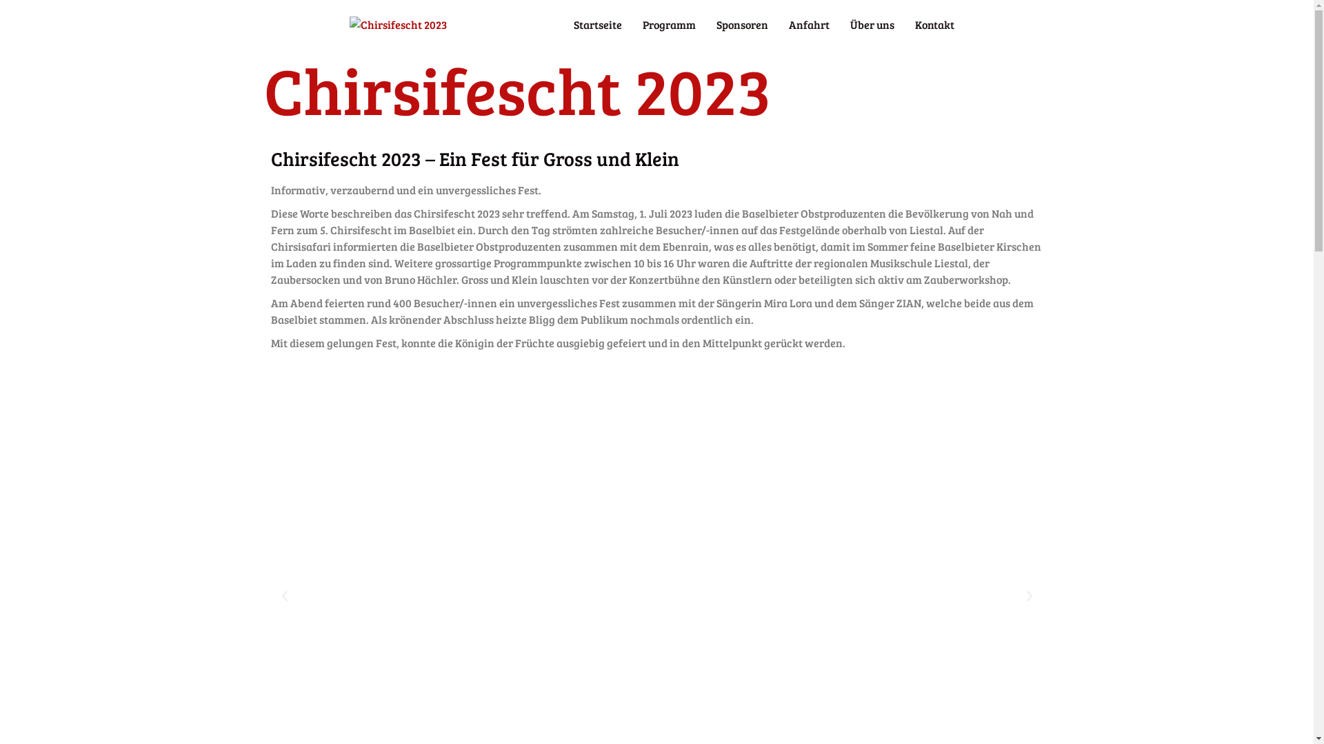  Describe the element at coordinates (778, 24) in the screenshot. I see `'Anfahrt'` at that location.